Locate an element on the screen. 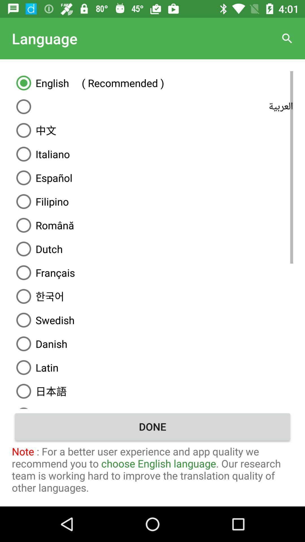 Image resolution: width=305 pixels, height=542 pixels. danish icon is located at coordinates (152, 344).